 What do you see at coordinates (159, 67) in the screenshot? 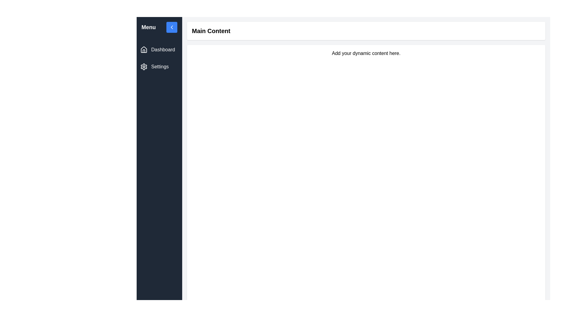
I see `the 'Settings' menu item in the interactive sidebar, which is identified by its white text and gear icon against a dark background` at bounding box center [159, 67].